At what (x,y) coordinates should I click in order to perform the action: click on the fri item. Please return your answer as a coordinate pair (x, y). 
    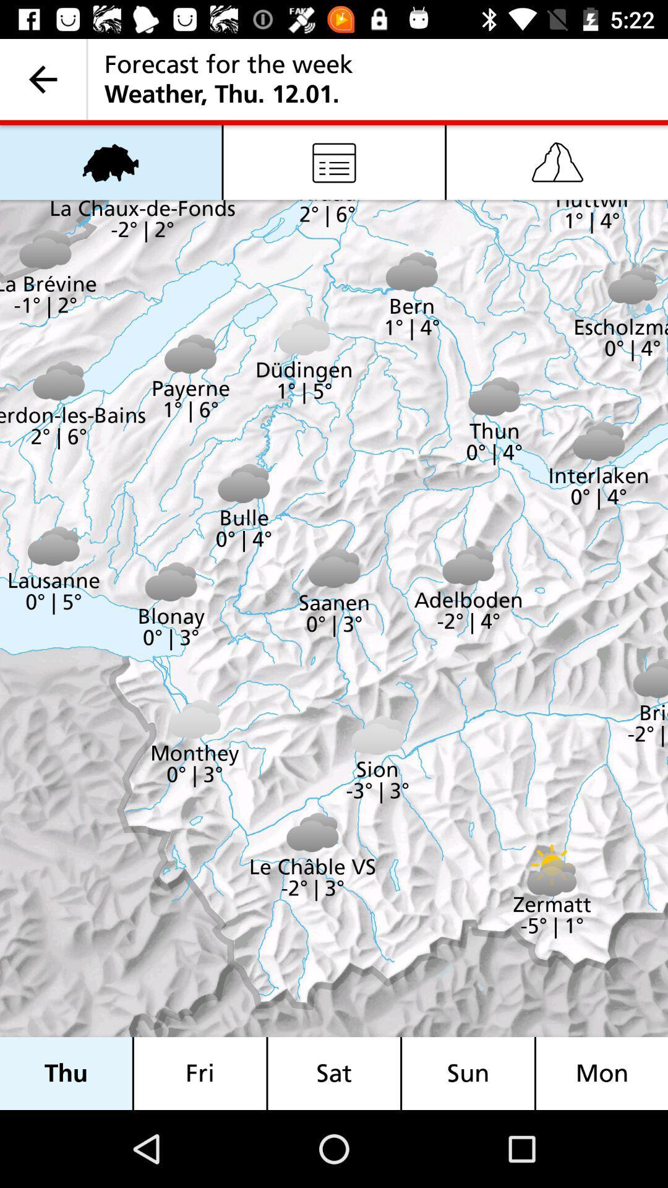
    Looking at the image, I should click on (199, 1073).